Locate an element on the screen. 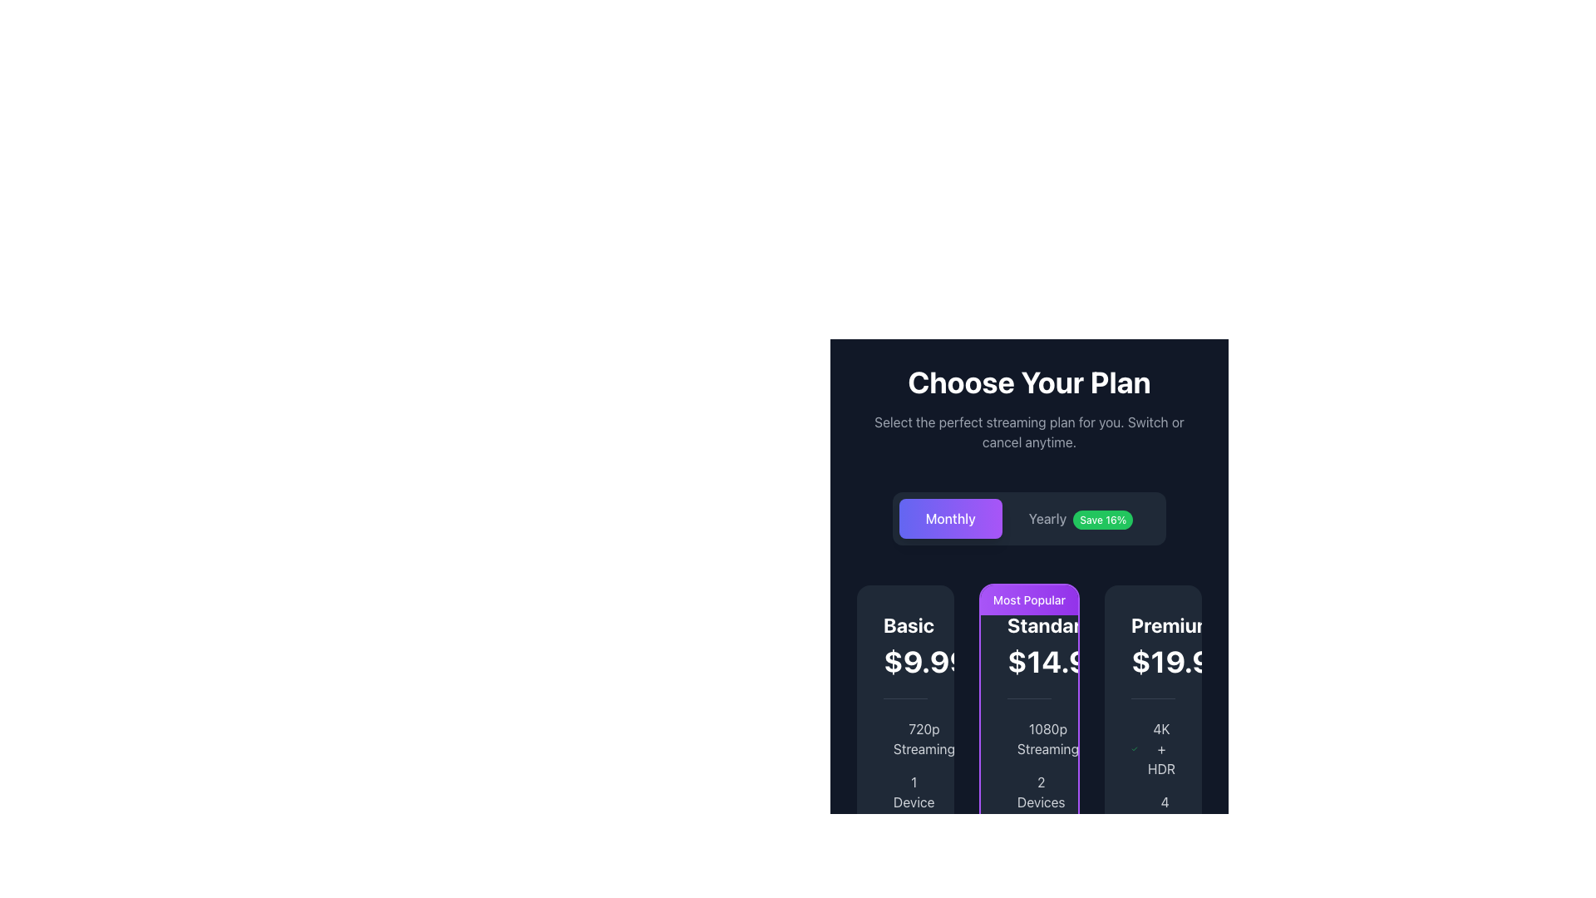 The height and width of the screenshot is (898, 1596). the text label displaying the price '$14.99' in bold white font, located in the 'Standard' subscription plan section is located at coordinates (1057, 660).